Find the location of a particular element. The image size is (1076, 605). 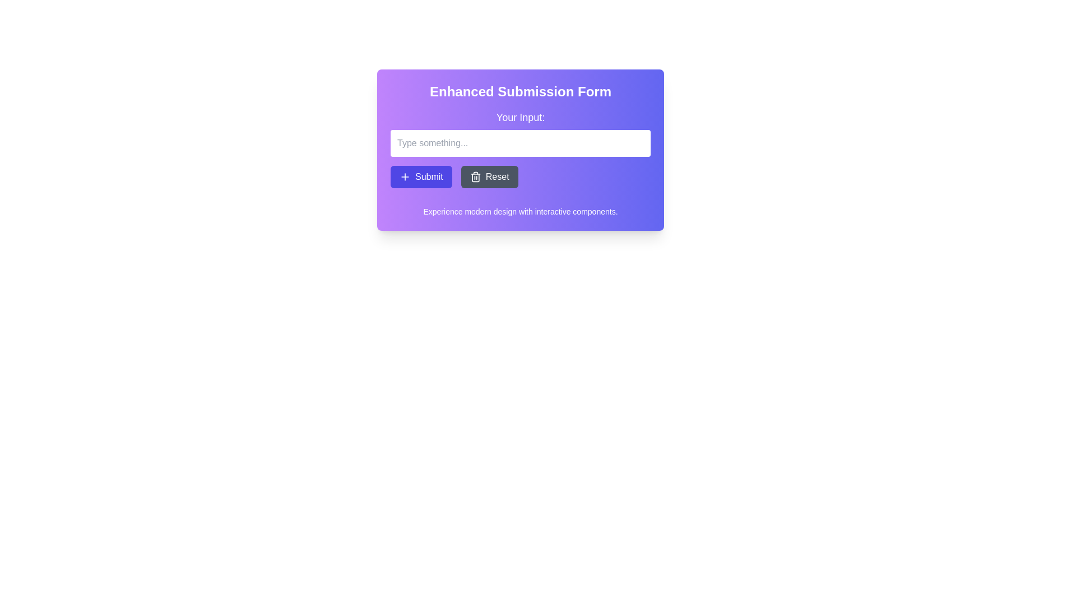

text displayed in the Text Header that says 'Enhanced Submission Form', which is in bold and large font at the top of the card with a purple gradient background is located at coordinates (520, 91).